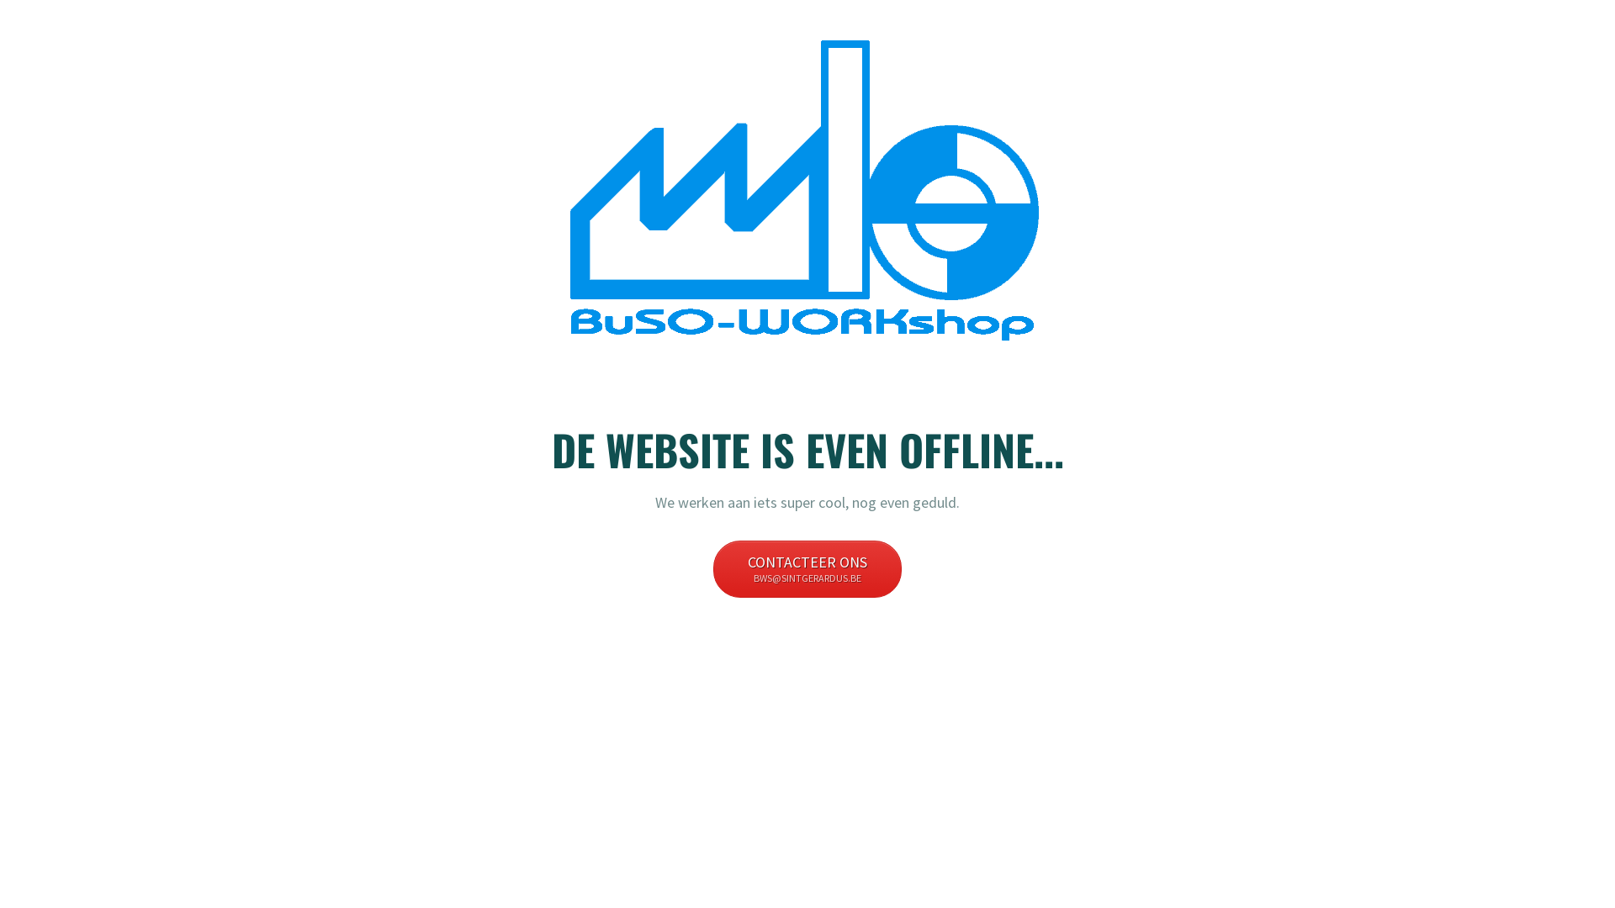  I want to click on 'CONTACTEER ONS, so click(807, 568).